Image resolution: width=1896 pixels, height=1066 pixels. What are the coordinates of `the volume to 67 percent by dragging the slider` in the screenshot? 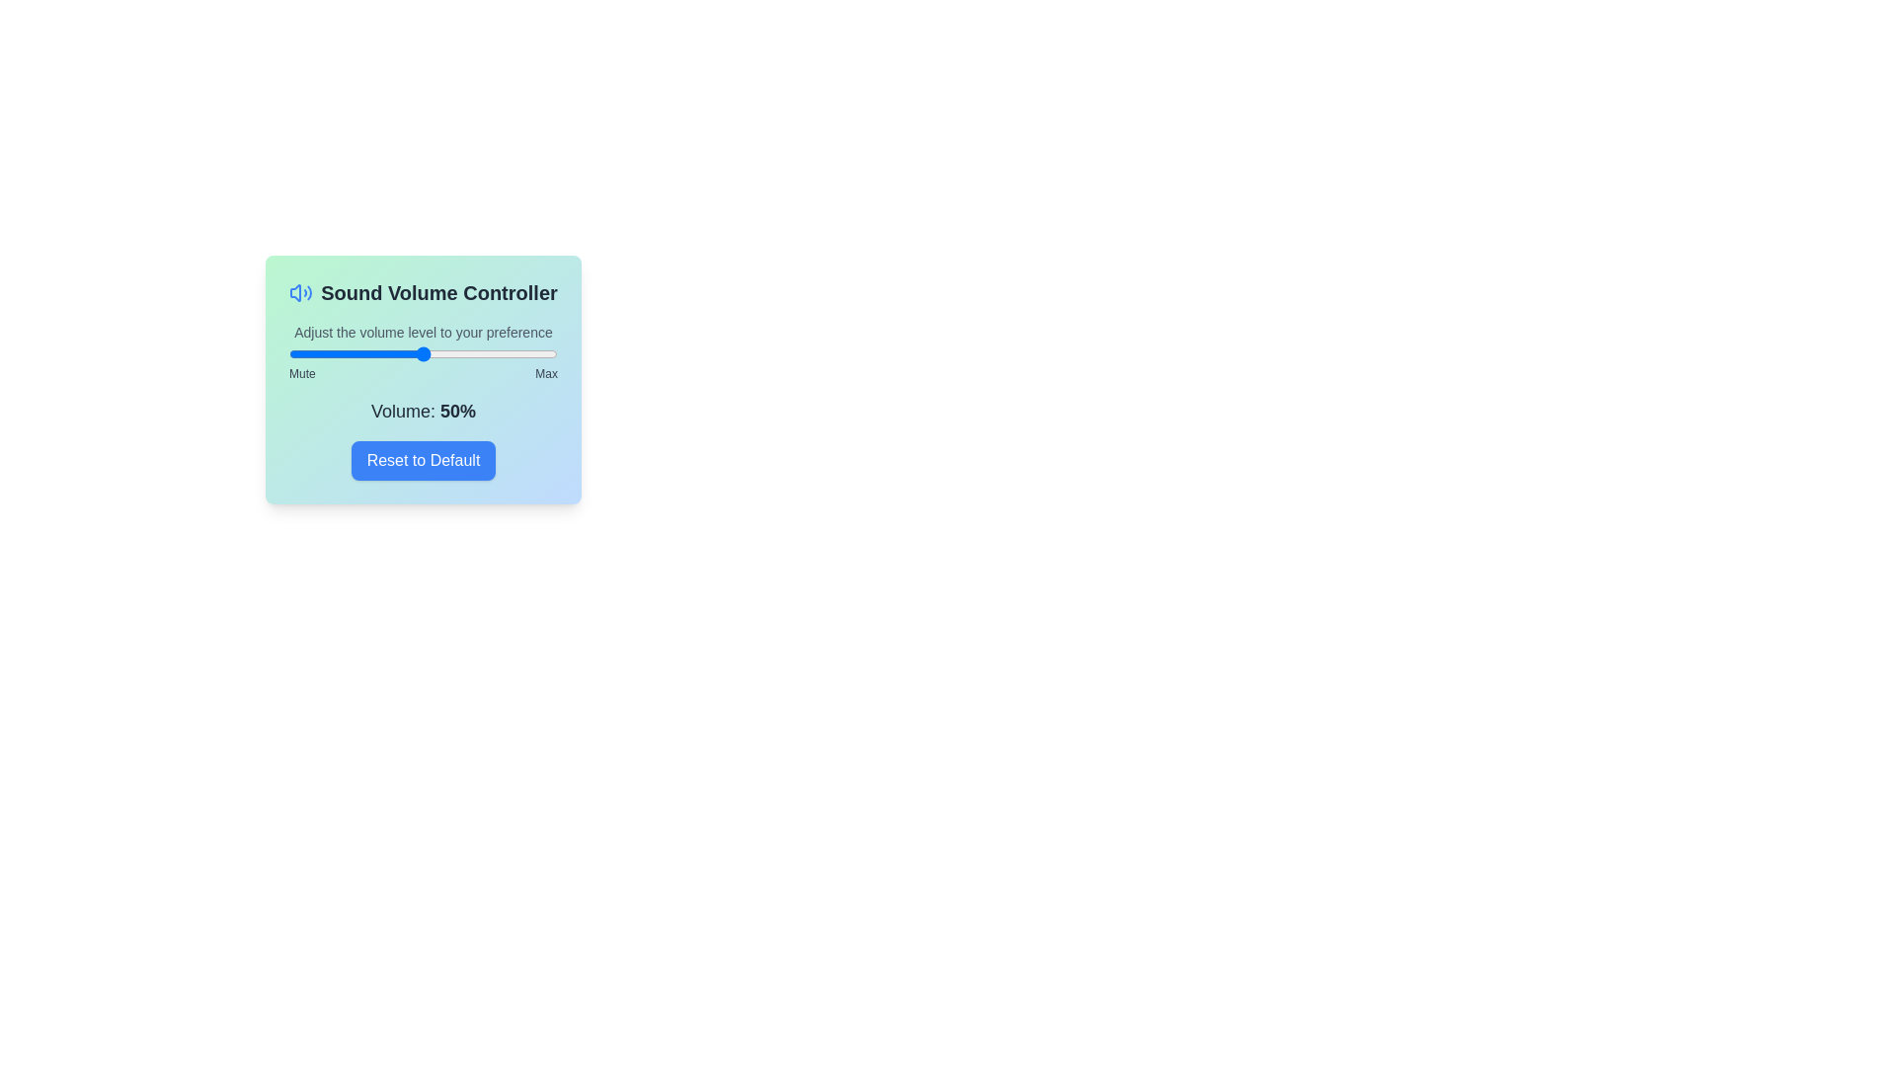 It's located at (468, 352).